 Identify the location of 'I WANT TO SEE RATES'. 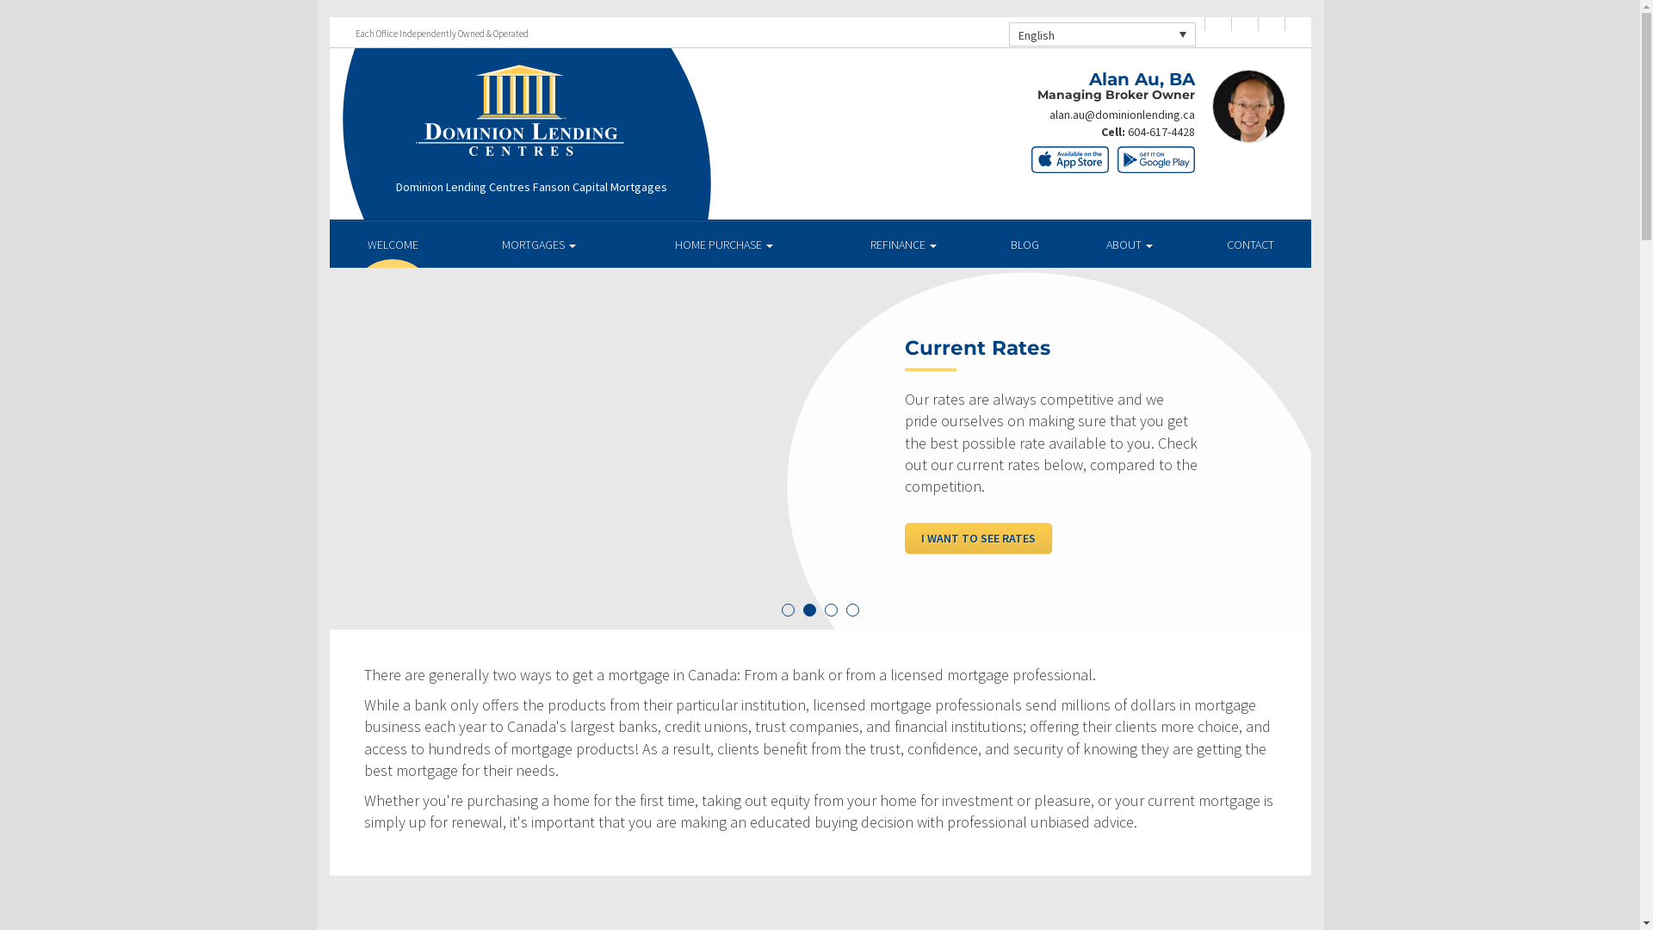
(904, 536).